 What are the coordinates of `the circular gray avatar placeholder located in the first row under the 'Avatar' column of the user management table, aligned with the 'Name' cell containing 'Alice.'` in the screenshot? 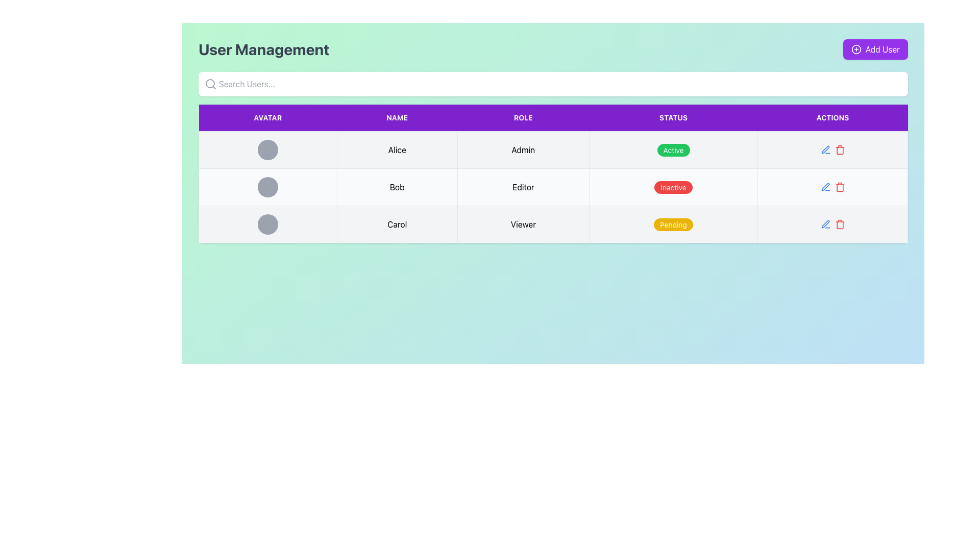 It's located at (267, 149).